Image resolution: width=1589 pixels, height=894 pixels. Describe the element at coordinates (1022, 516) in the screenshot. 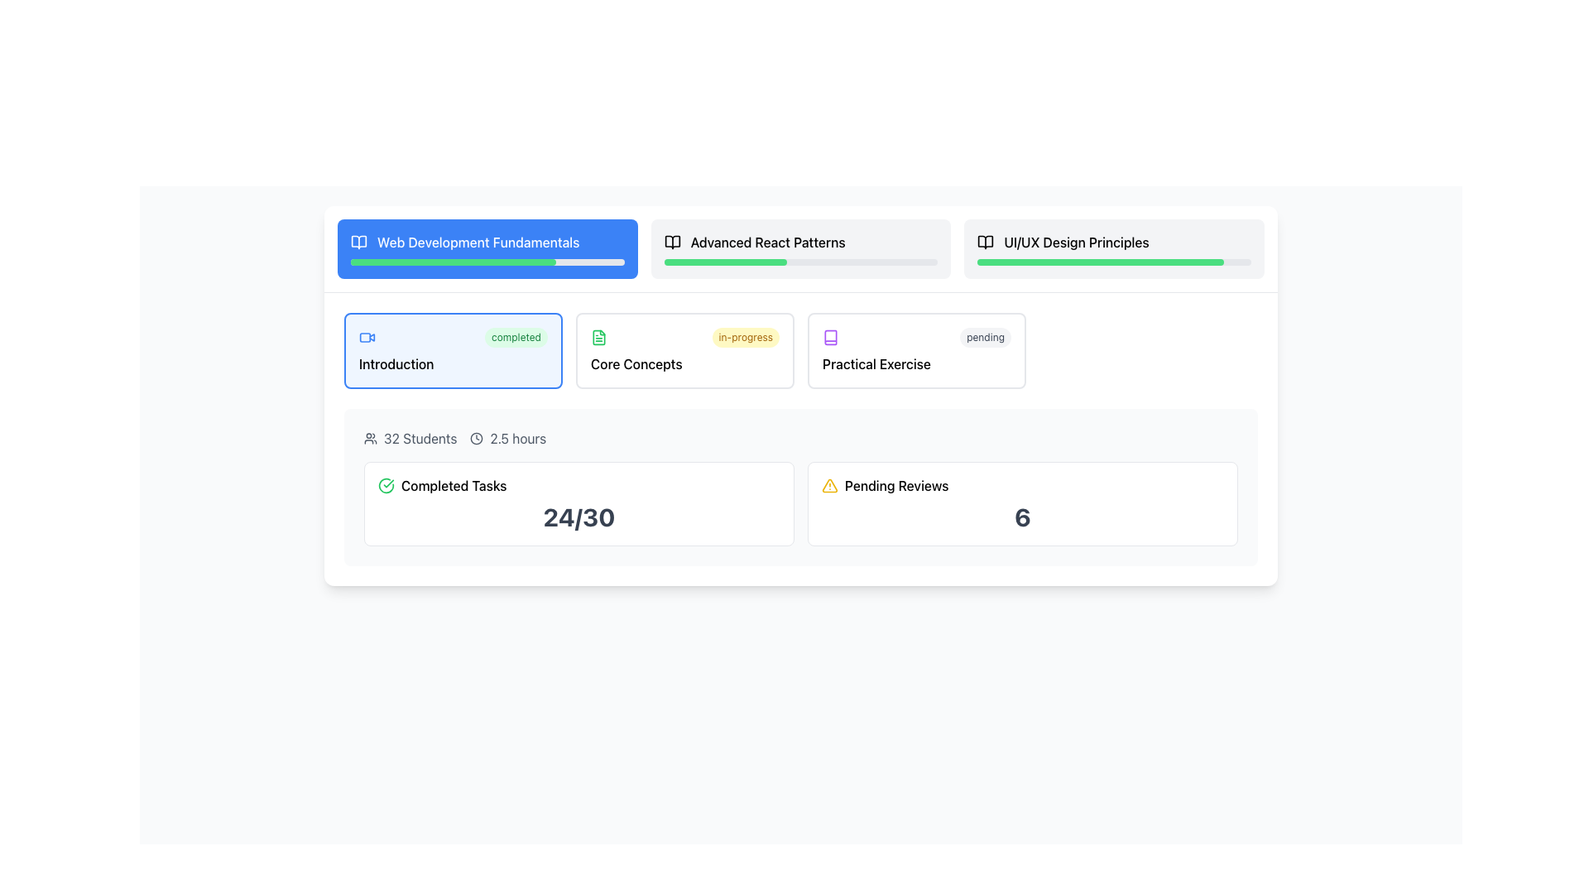

I see `the content of the text label displaying the number of pending reviews, which is located in a bordered and rounded white box beneath the 'Pending Reviews' label in the bottom-right corner of the layout` at that location.